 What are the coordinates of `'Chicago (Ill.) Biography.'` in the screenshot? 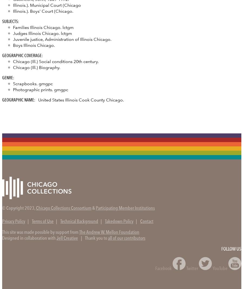 It's located at (37, 67).